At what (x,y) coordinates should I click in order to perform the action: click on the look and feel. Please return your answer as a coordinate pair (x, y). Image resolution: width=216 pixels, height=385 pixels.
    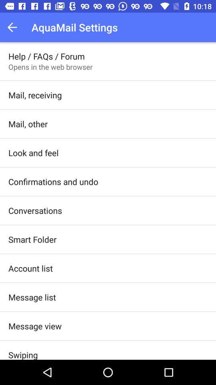
    Looking at the image, I should click on (33, 152).